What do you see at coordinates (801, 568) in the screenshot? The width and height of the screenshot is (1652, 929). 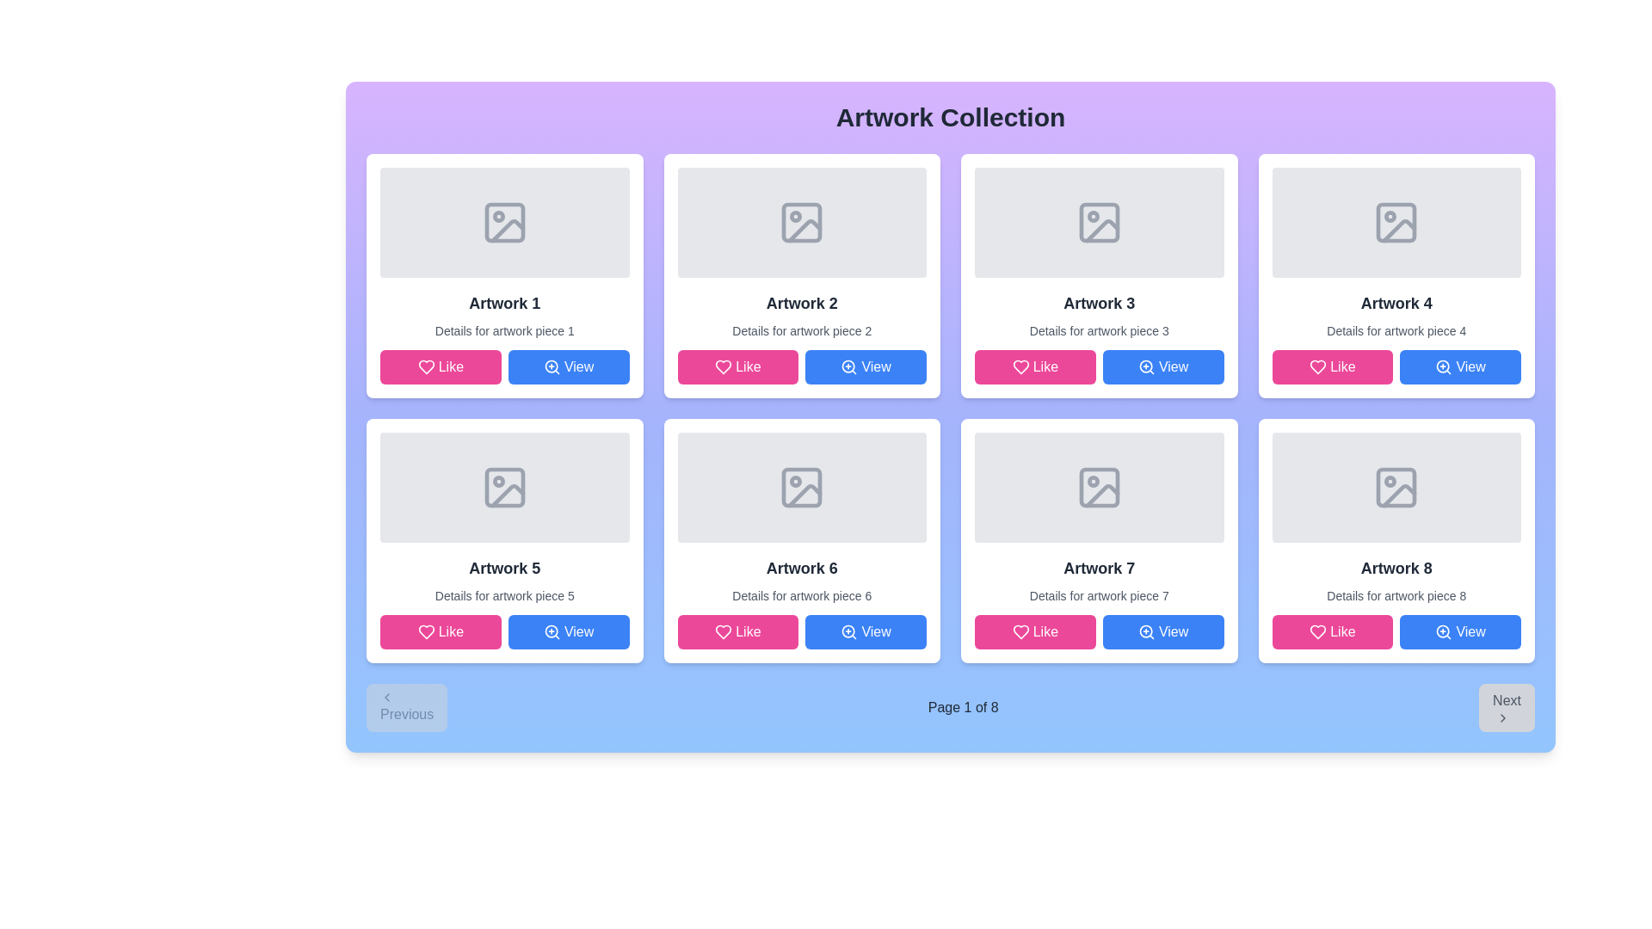 I see `the text label displaying 'Artwork 6', which is styled in bold, large black font and centered inside a white card` at bounding box center [801, 568].